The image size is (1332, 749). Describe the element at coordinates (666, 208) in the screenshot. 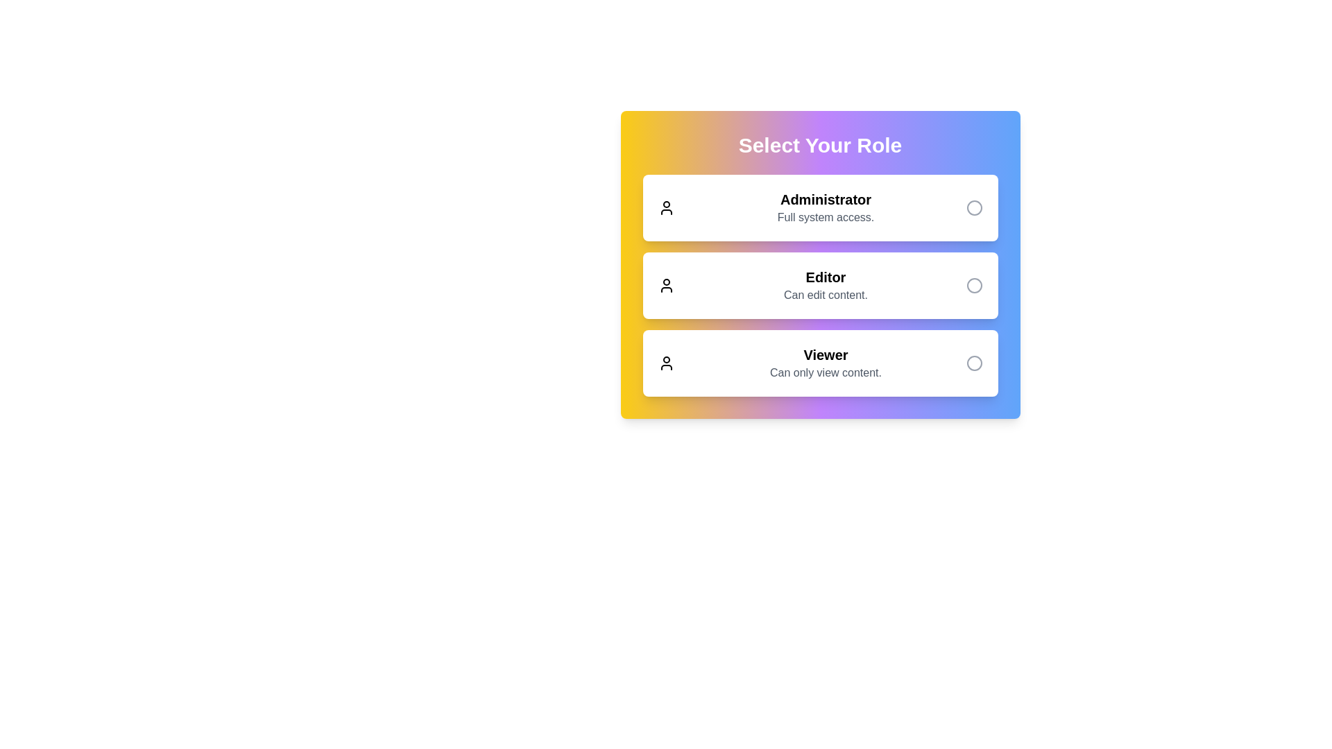

I see `the Administrator role icon, which is a monochrome user figure icon located to the left of the text in the 'Select Your Role' section` at that location.